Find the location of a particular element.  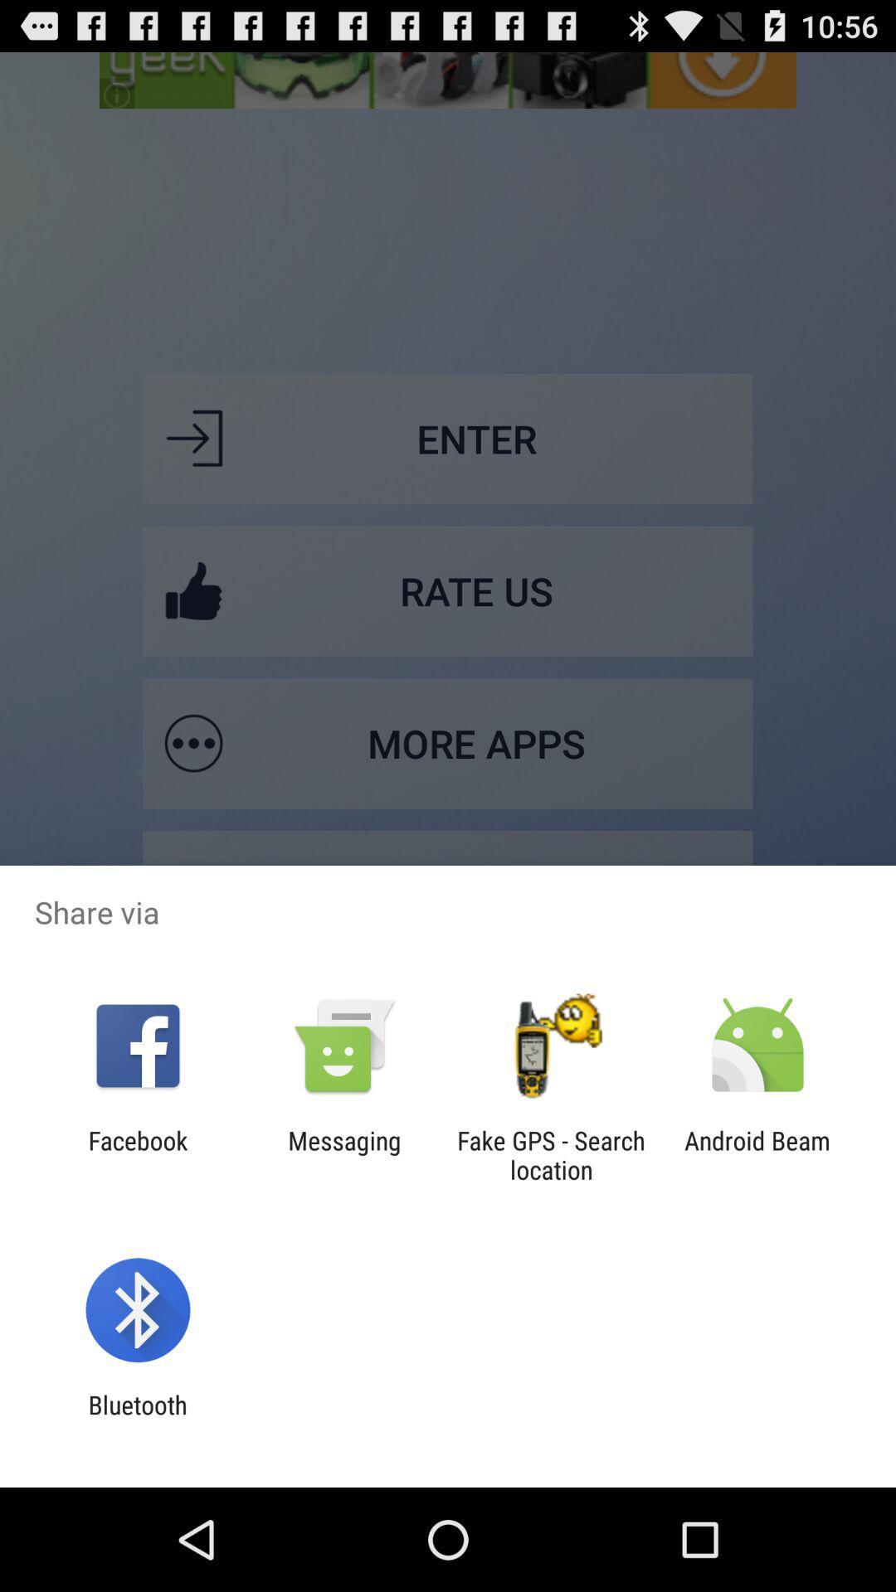

item to the right of fake gps search icon is located at coordinates (757, 1154).